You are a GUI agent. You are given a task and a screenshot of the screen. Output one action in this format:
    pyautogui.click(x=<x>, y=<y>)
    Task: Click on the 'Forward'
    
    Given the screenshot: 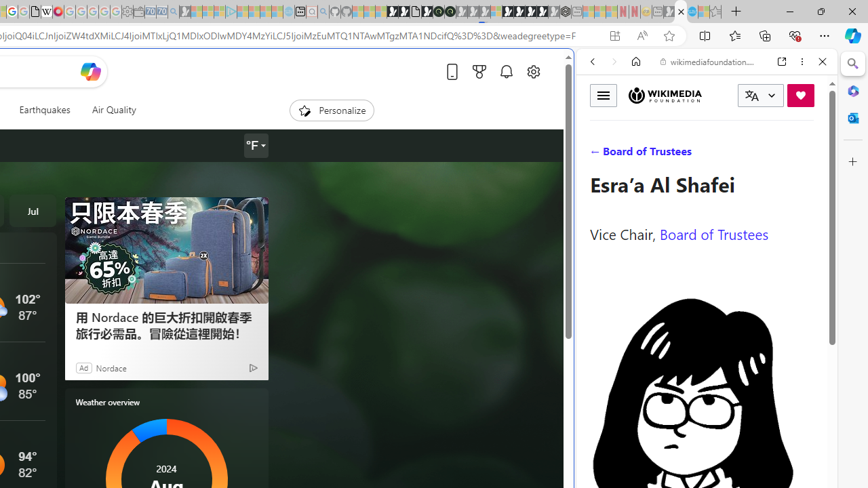 What is the action you would take?
    pyautogui.click(x=614, y=62)
    